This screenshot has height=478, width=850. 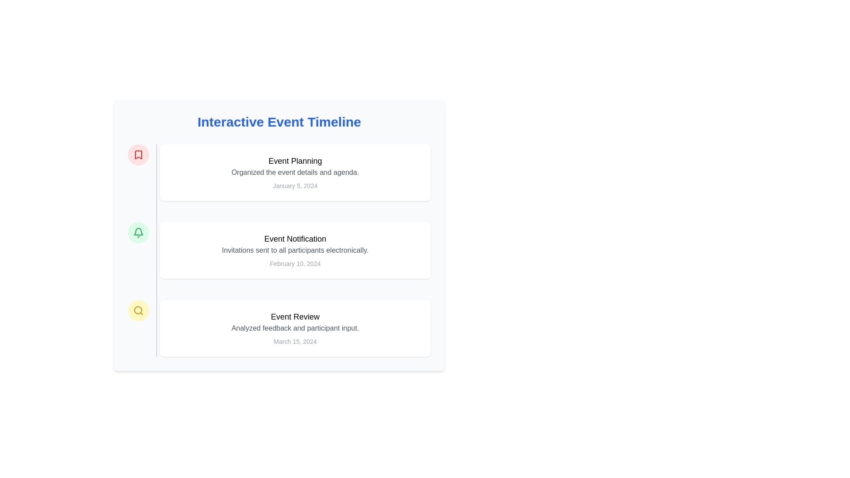 I want to click on text content of the informational card that provides details about a specific event, including its title, description, and date, positioned as the first entry in a vertically stacked list, so click(x=295, y=172).